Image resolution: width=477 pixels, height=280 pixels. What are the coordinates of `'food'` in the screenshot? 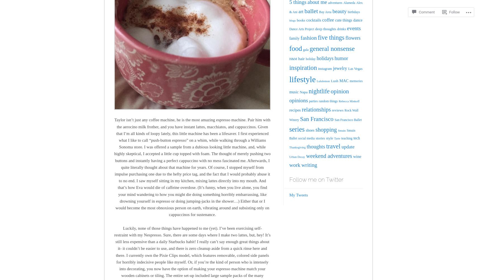 It's located at (295, 48).